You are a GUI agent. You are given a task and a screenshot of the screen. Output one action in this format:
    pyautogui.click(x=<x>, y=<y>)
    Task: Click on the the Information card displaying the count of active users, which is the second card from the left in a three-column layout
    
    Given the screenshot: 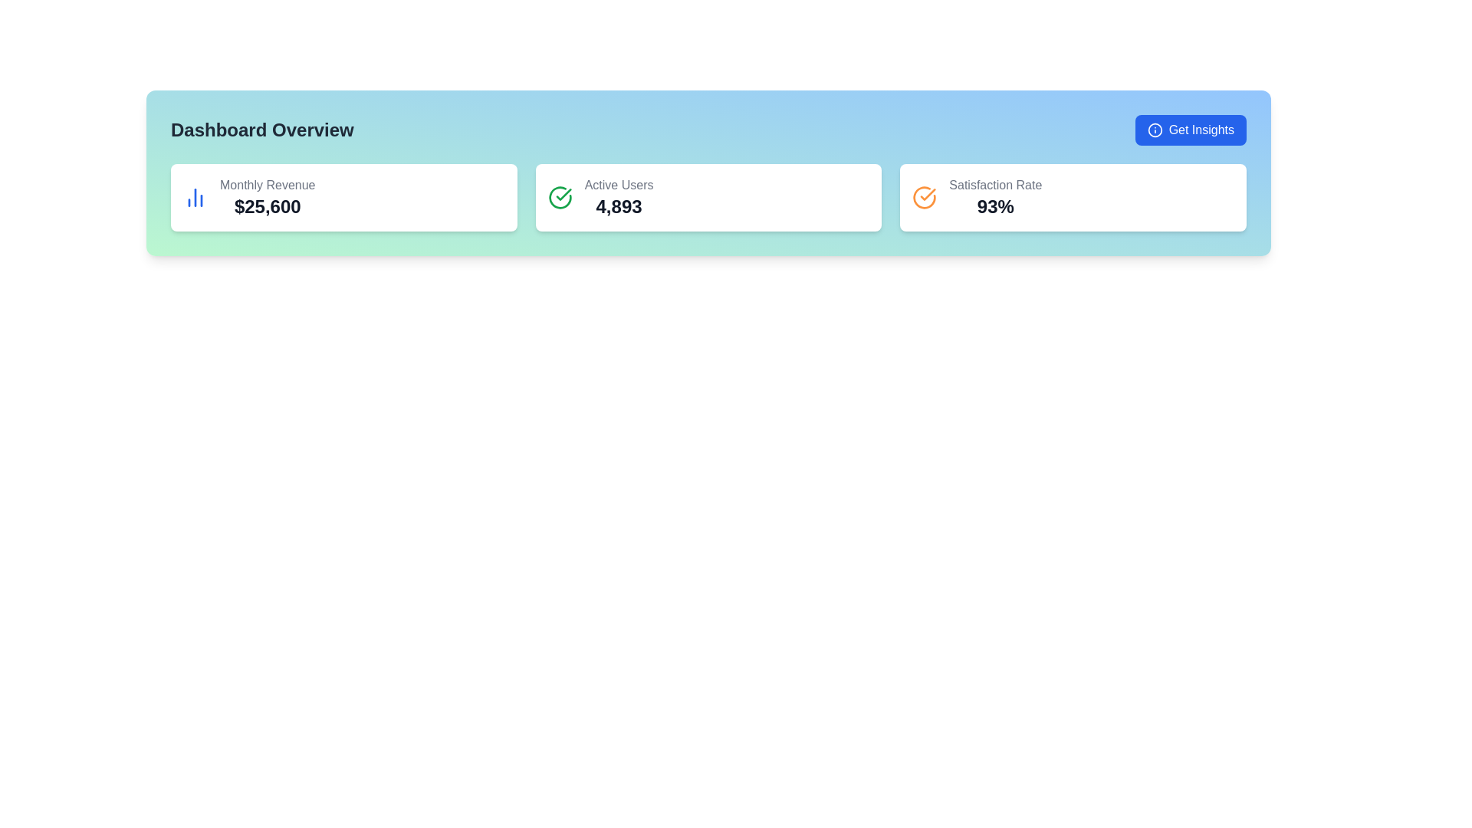 What is the action you would take?
    pyautogui.click(x=708, y=197)
    